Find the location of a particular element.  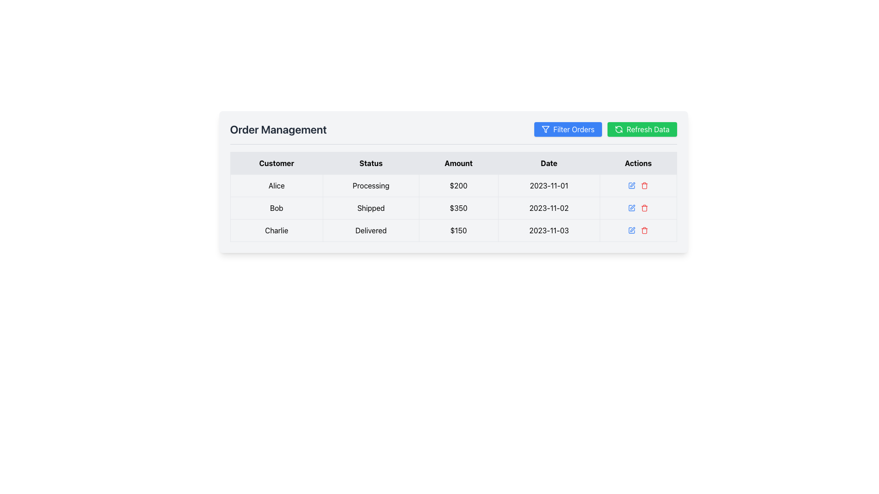

the interactive icon in the 'Actions' column of the second row corresponding to the entry with the value '$350' in the 'Amount' column is located at coordinates (638, 208).